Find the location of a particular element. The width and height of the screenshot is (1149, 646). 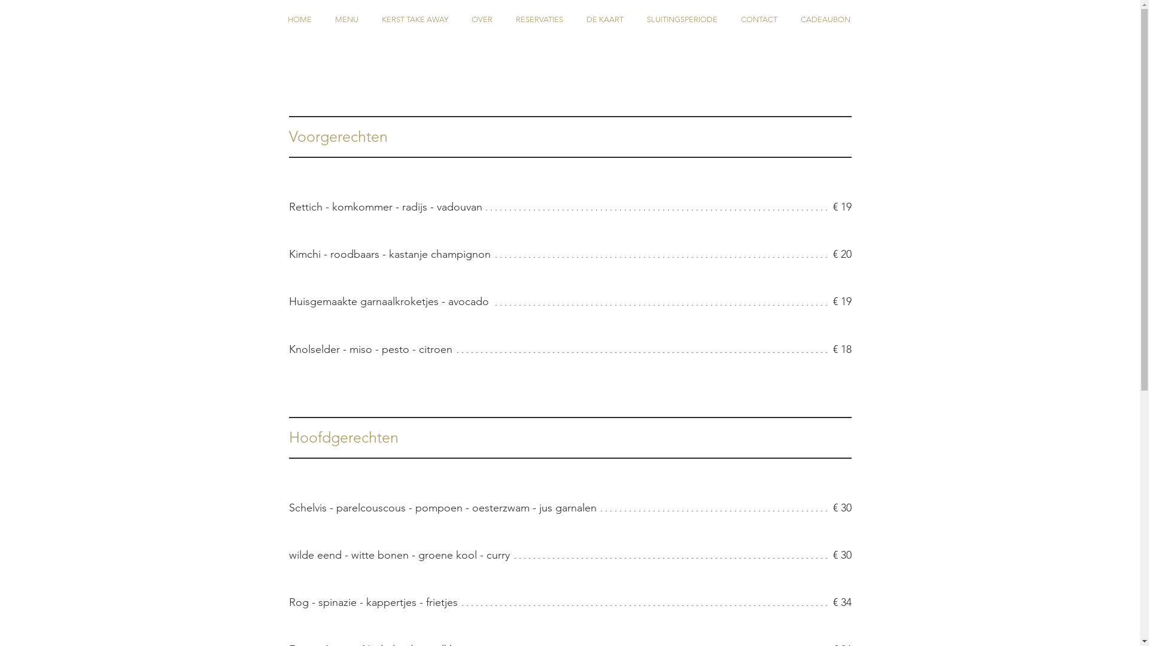

'CADEAUBON' is located at coordinates (824, 19).